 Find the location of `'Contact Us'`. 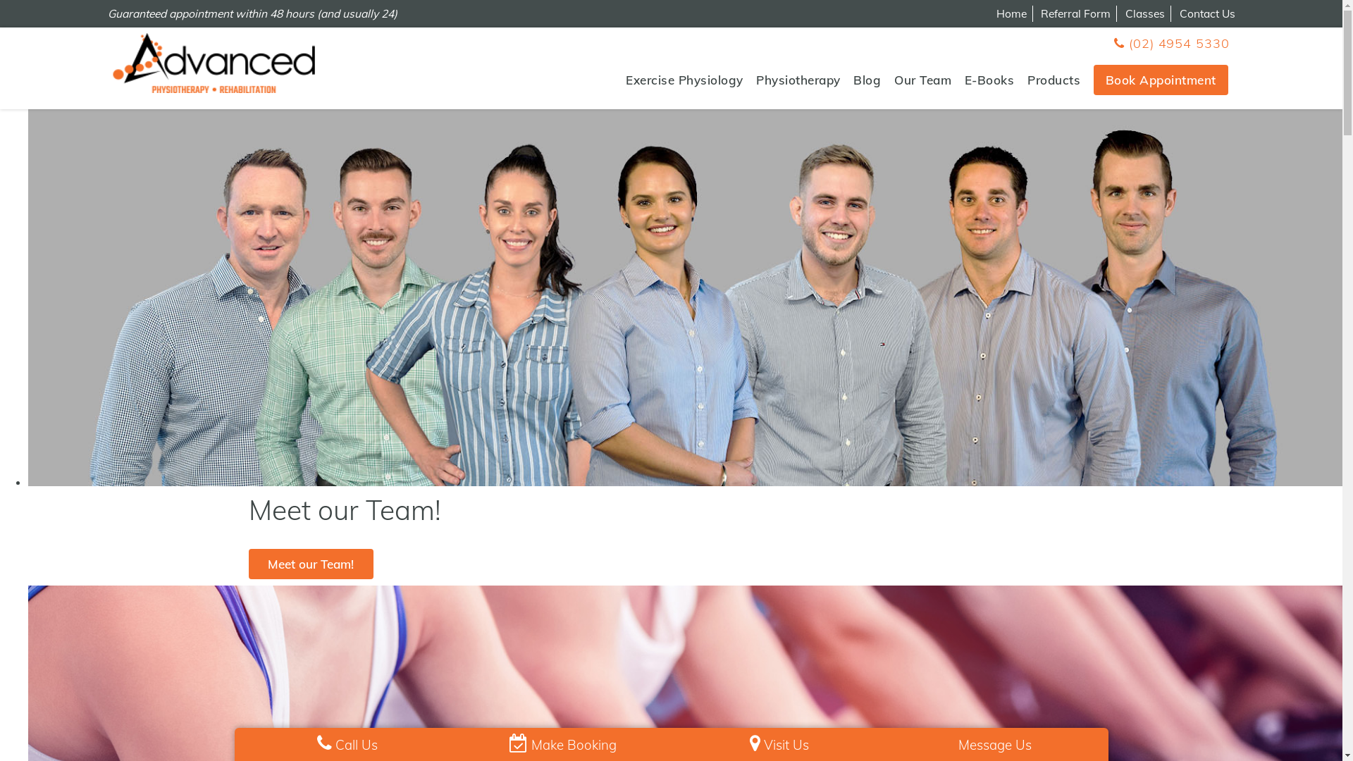

'Contact Us' is located at coordinates (1206, 13).